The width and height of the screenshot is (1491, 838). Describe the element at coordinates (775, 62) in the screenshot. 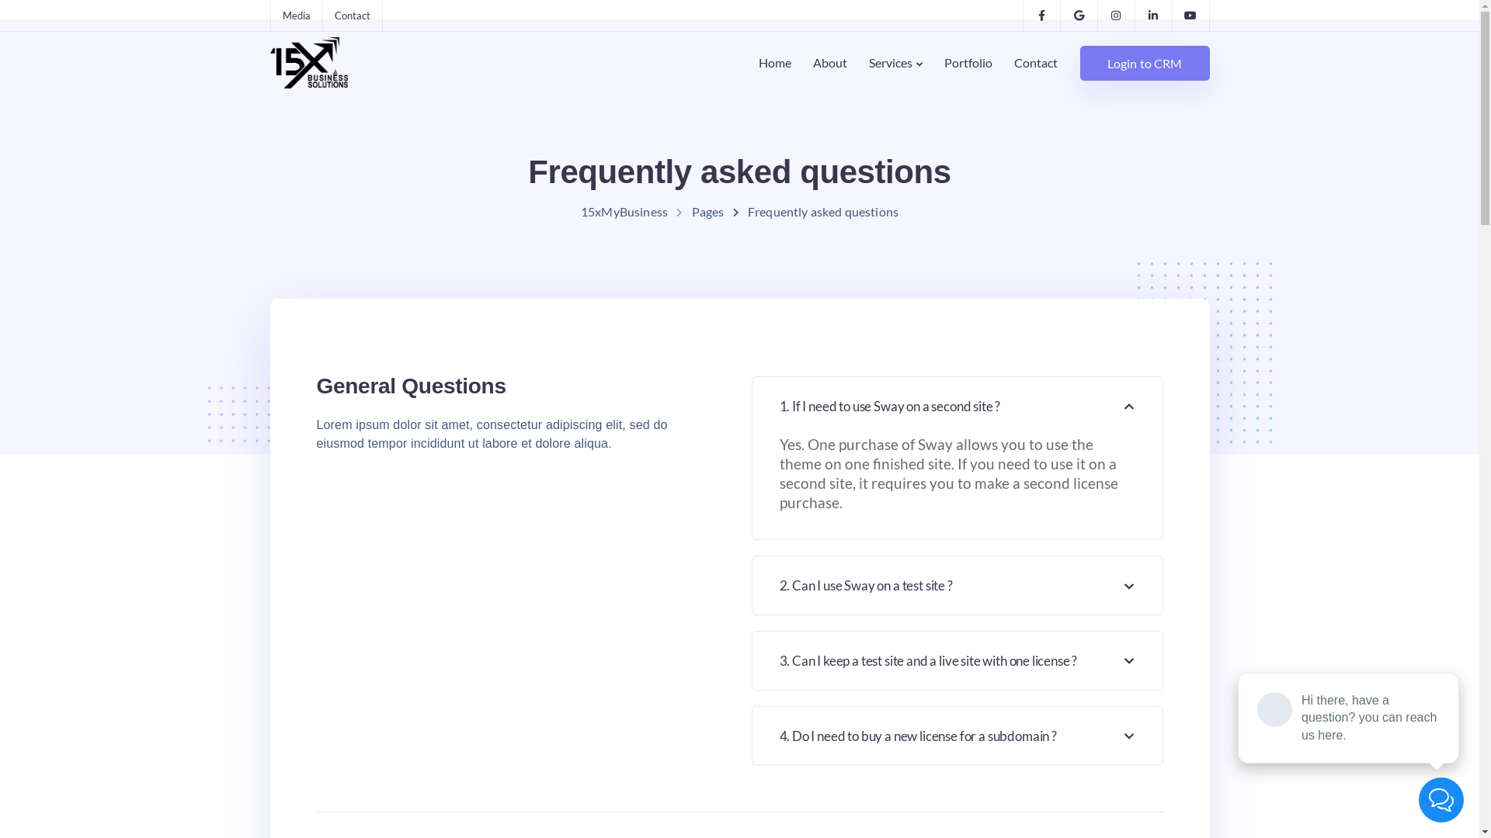

I see `'Home'` at that location.